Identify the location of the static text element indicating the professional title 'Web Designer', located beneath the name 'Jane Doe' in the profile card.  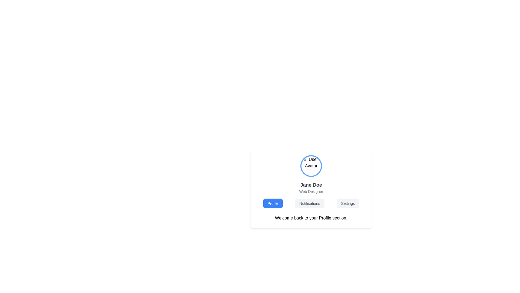
(311, 191).